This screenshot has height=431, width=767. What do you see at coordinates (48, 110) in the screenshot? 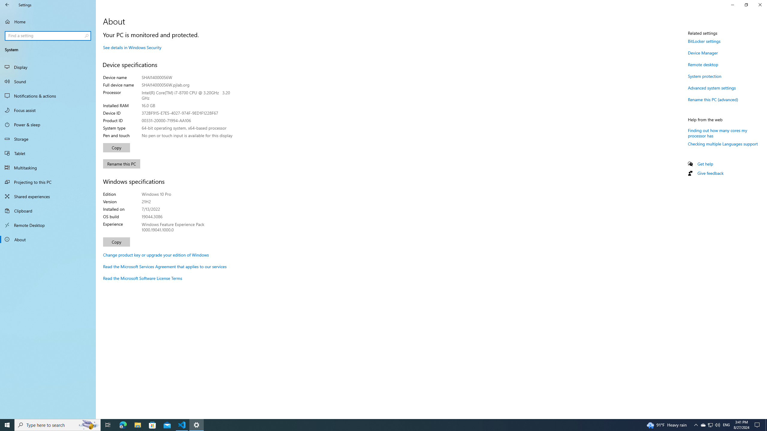
I see `'Focus assist'` at bounding box center [48, 110].